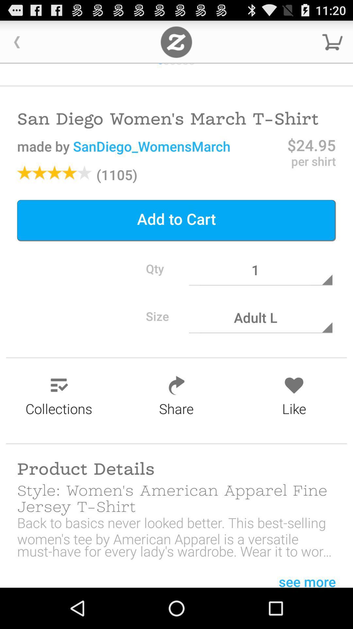 The height and width of the screenshot is (629, 353). Describe the element at coordinates (332, 42) in the screenshot. I see `downarrow` at that location.